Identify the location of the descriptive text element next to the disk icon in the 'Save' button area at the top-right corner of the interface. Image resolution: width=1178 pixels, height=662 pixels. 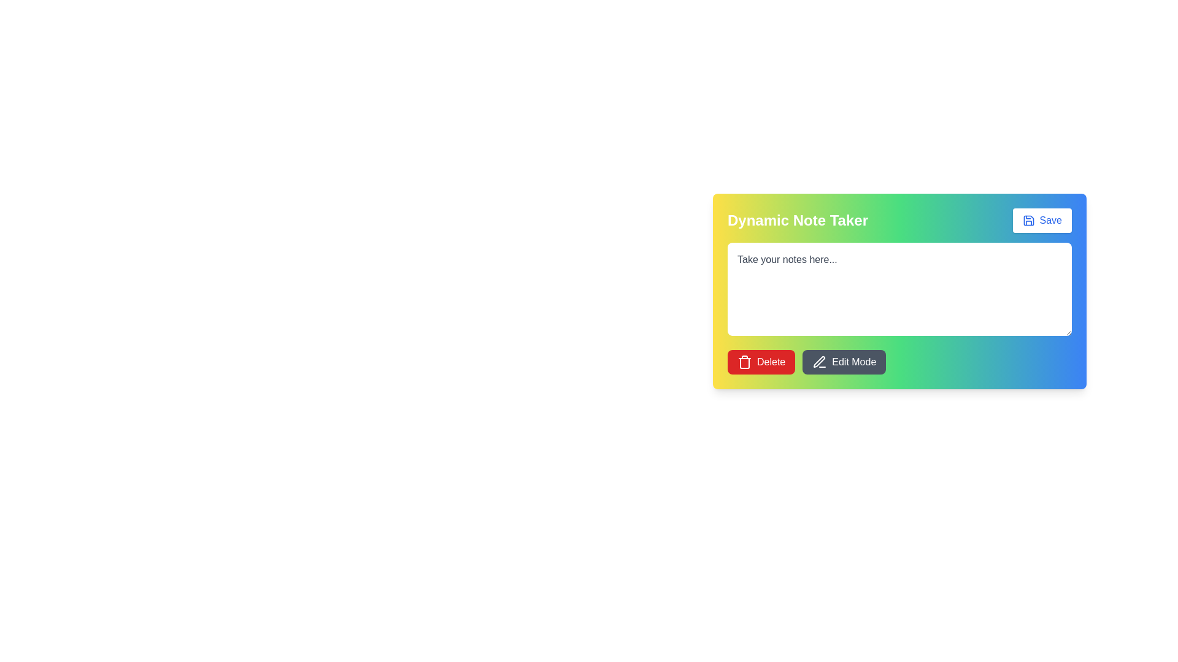
(1050, 219).